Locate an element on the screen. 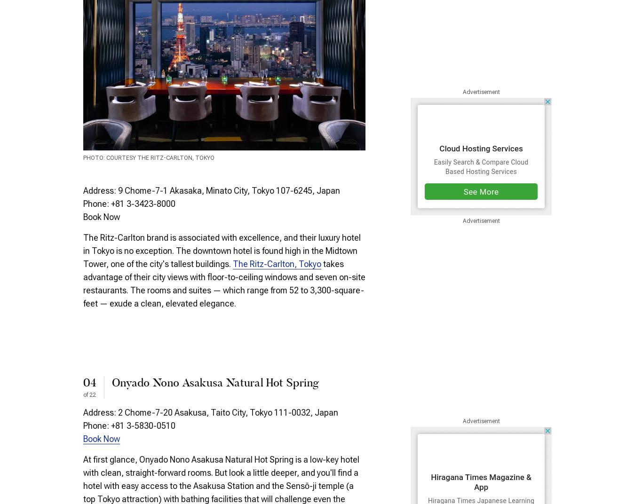  'Address: 2 Chome-7-20 Asakusa, Taito City, Tokyo 111-0032, Japan' is located at coordinates (211, 412).